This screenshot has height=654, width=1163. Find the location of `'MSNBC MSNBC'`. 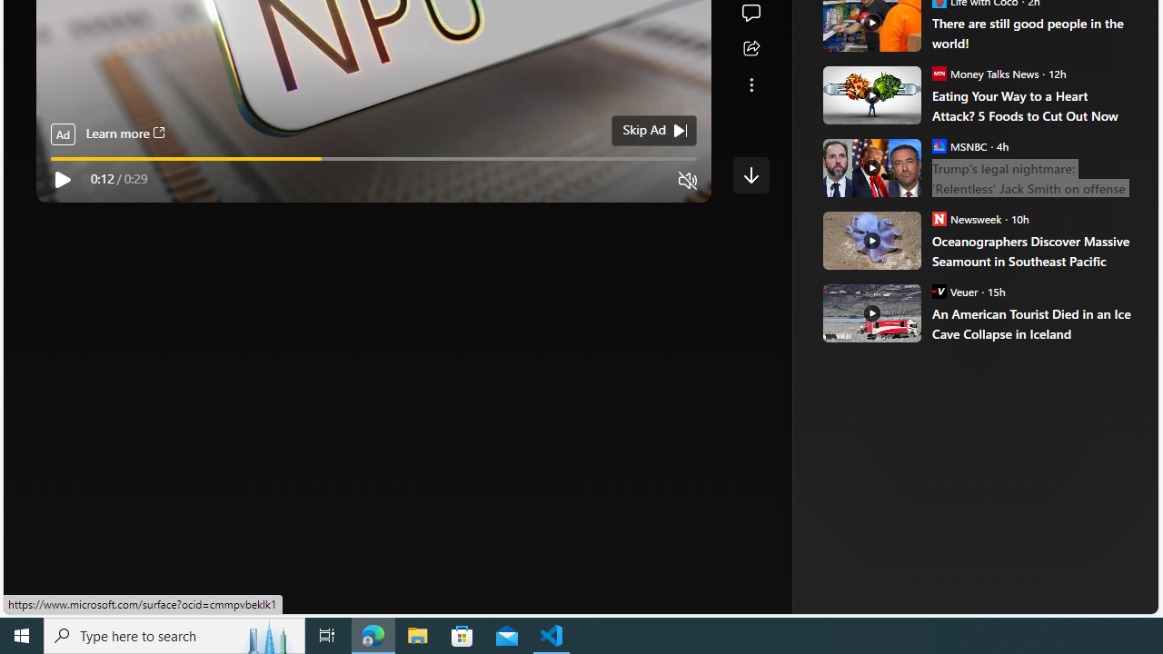

'MSNBC MSNBC' is located at coordinates (959, 144).